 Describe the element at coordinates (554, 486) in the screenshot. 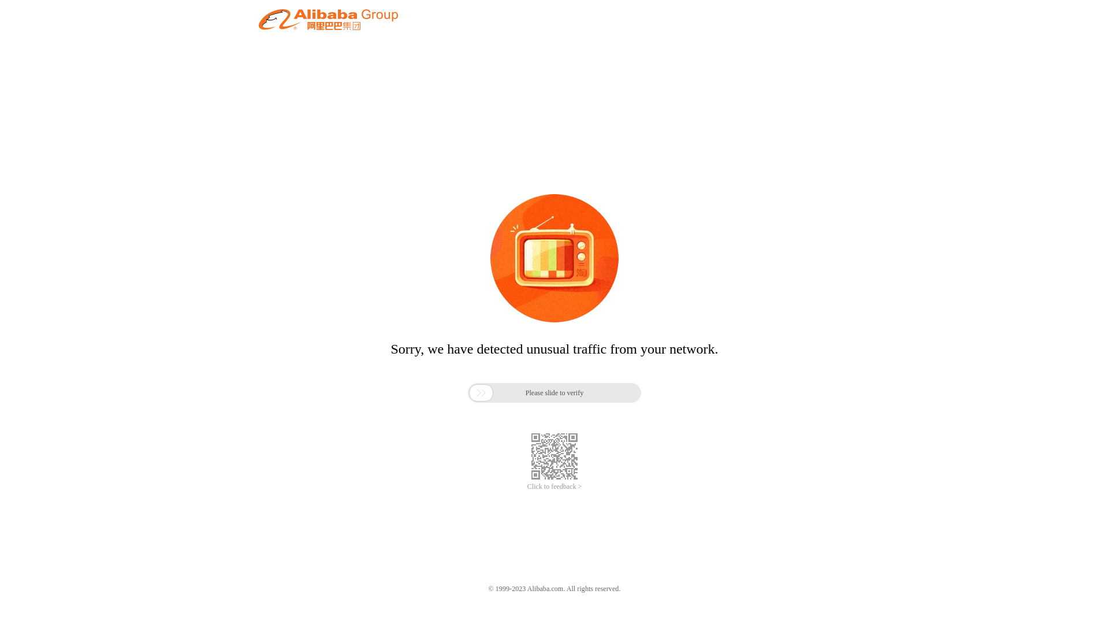

I see `'Click to feedback >'` at that location.